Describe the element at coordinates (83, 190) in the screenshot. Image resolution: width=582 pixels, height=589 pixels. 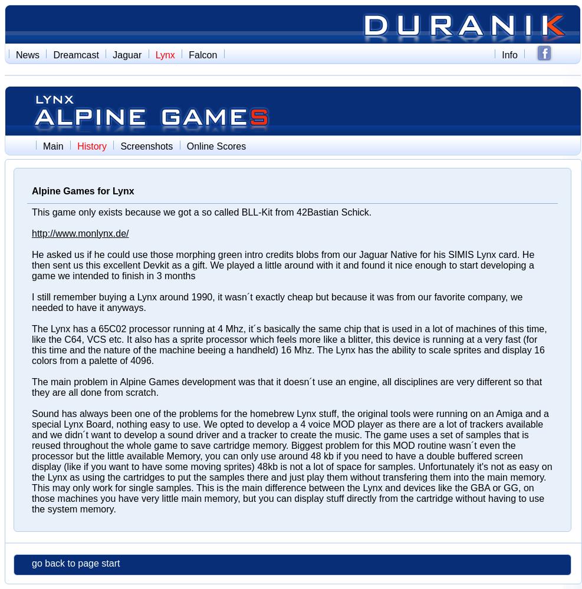
I see `'Alpine Games for Lynx'` at that location.